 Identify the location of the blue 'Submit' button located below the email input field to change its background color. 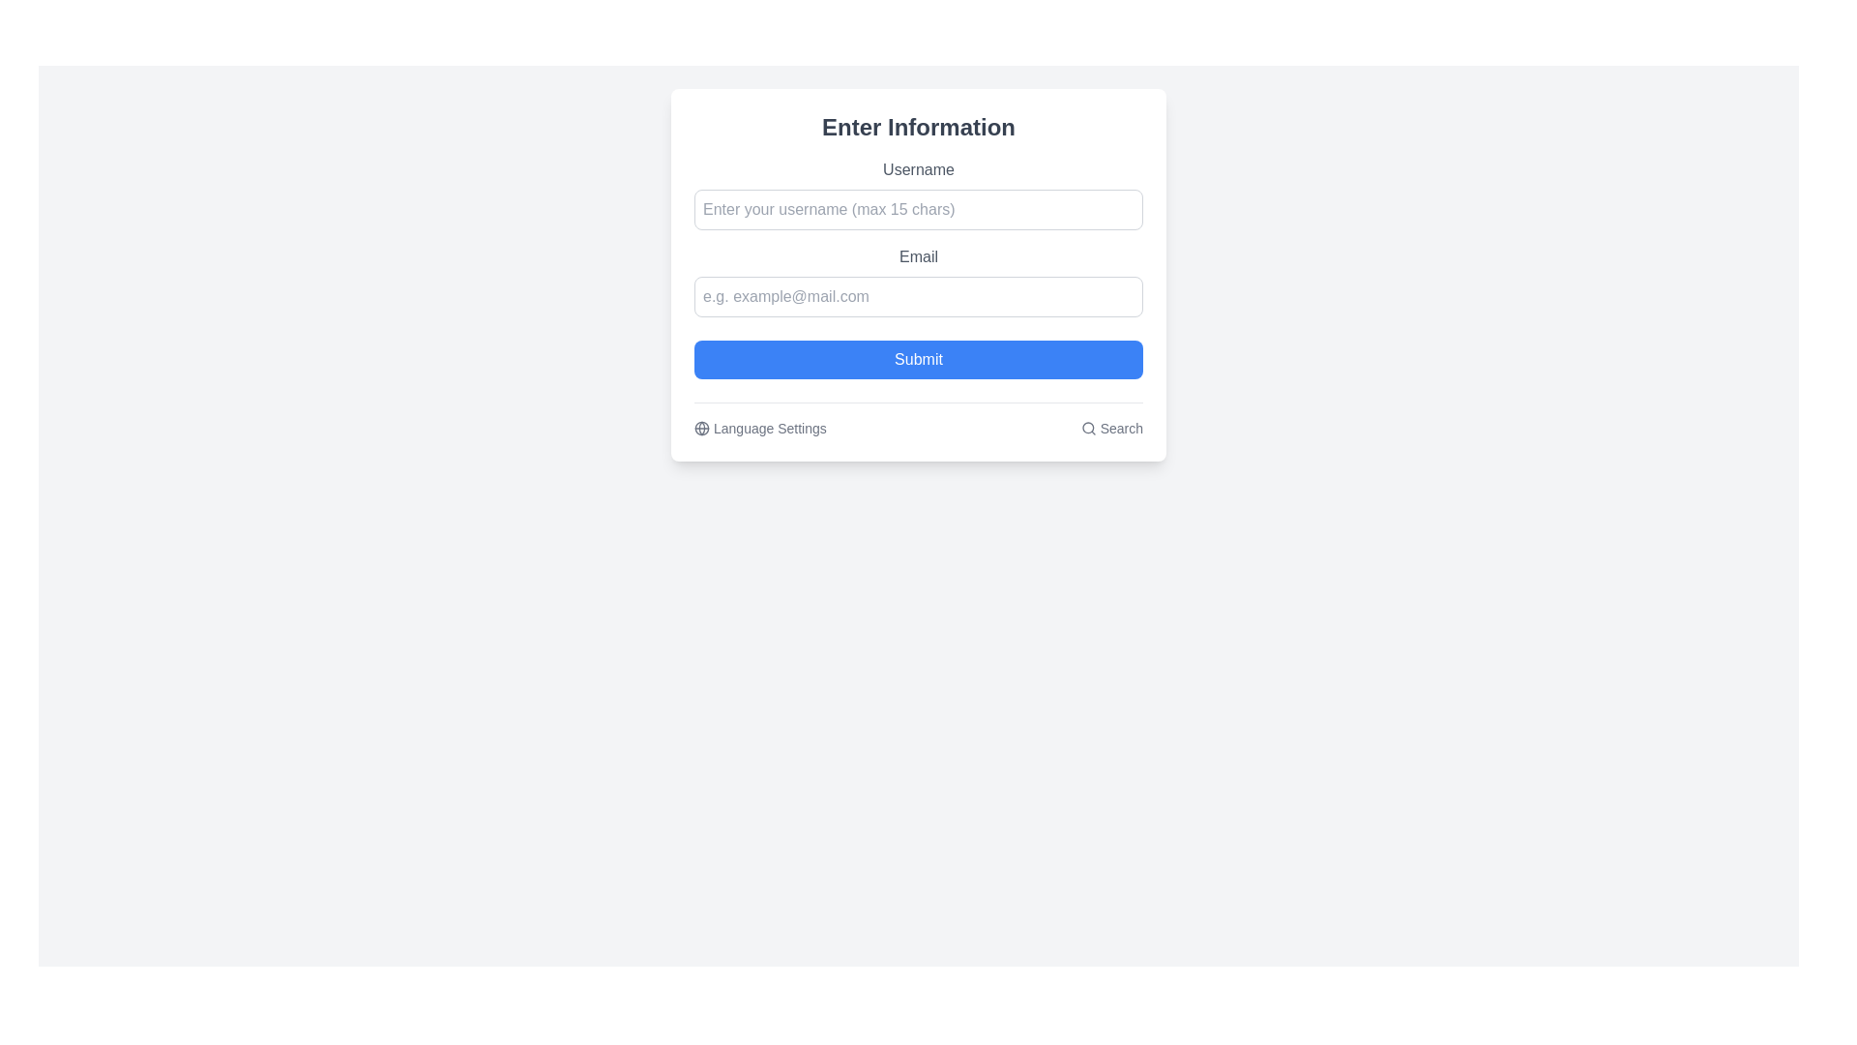
(918, 359).